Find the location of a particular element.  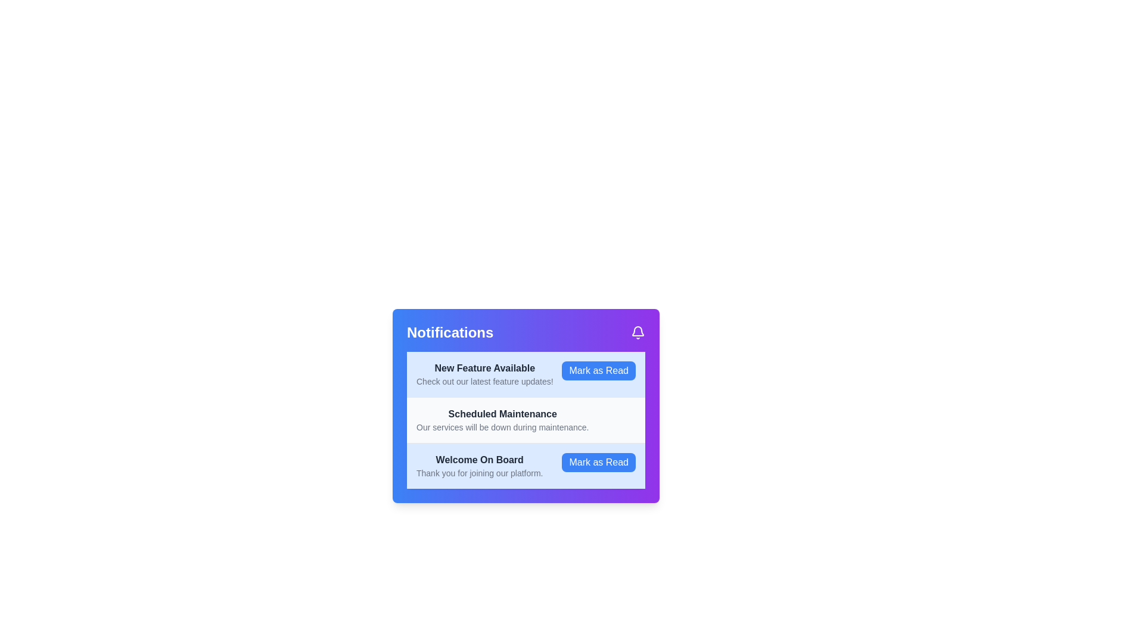

the welcoming title text within the notification card that draws the user's attention, located above the 'Thank you for joining our platform.' text is located at coordinates (480, 459).